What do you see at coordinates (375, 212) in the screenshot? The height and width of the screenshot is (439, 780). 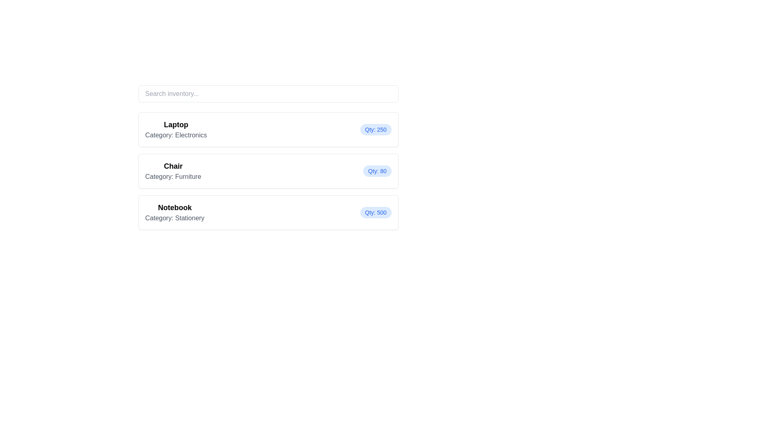 I see `the non-interactive label that indicates the quantity available for the 'Notebook' item, positioned to the right of the 'Notebook' title and vertically centered with the description 'Category: Stationery'` at bounding box center [375, 212].